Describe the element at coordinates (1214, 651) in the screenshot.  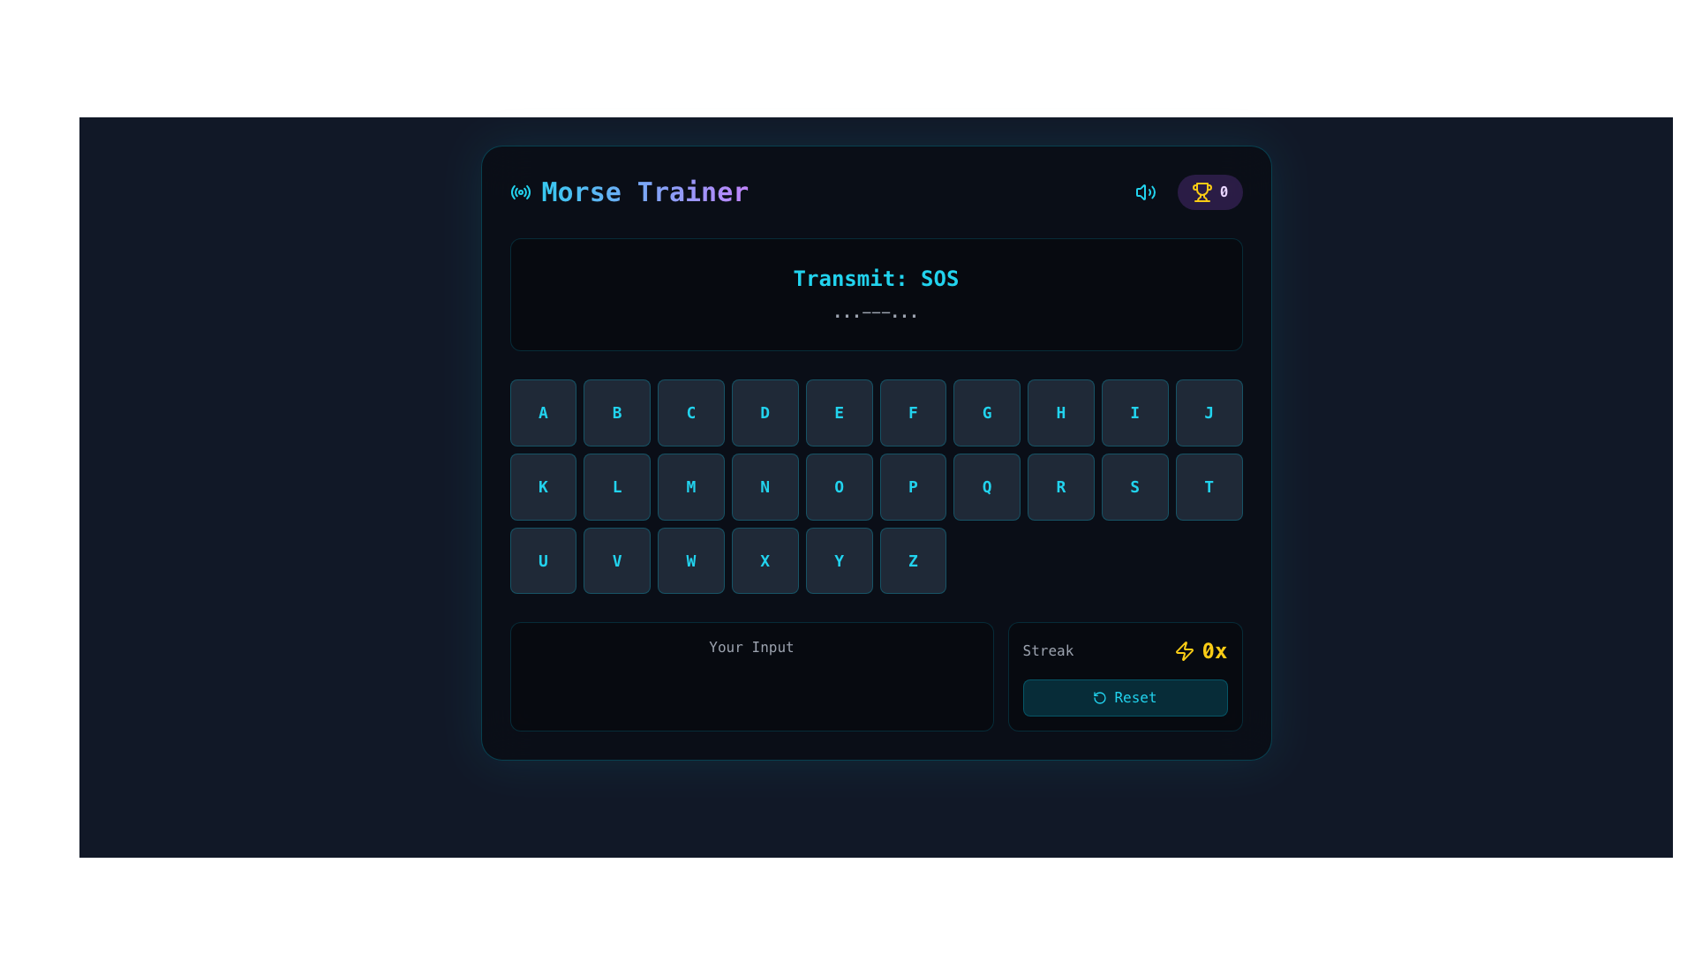
I see `the bold yellow text '0x' located in the lower-right panel of the user interface, adjacent to the lightning icon in the 'Streak' section` at that location.